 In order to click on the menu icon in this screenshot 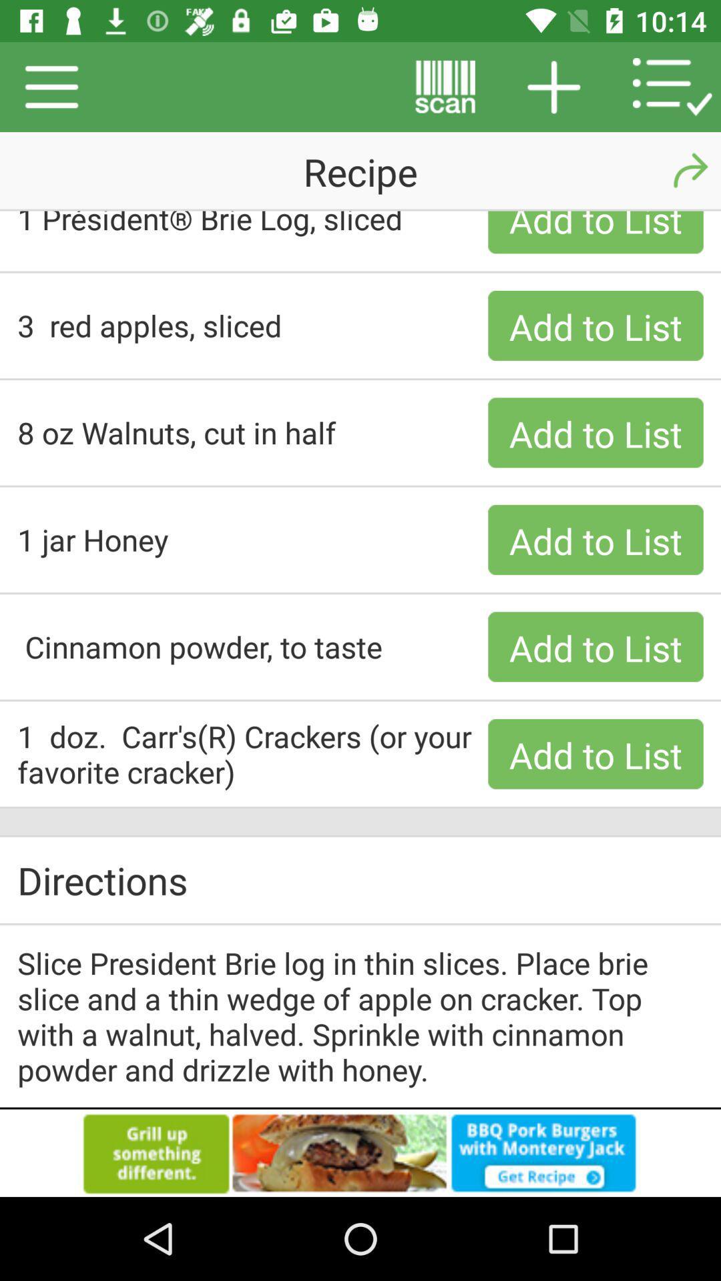, I will do `click(51, 86)`.